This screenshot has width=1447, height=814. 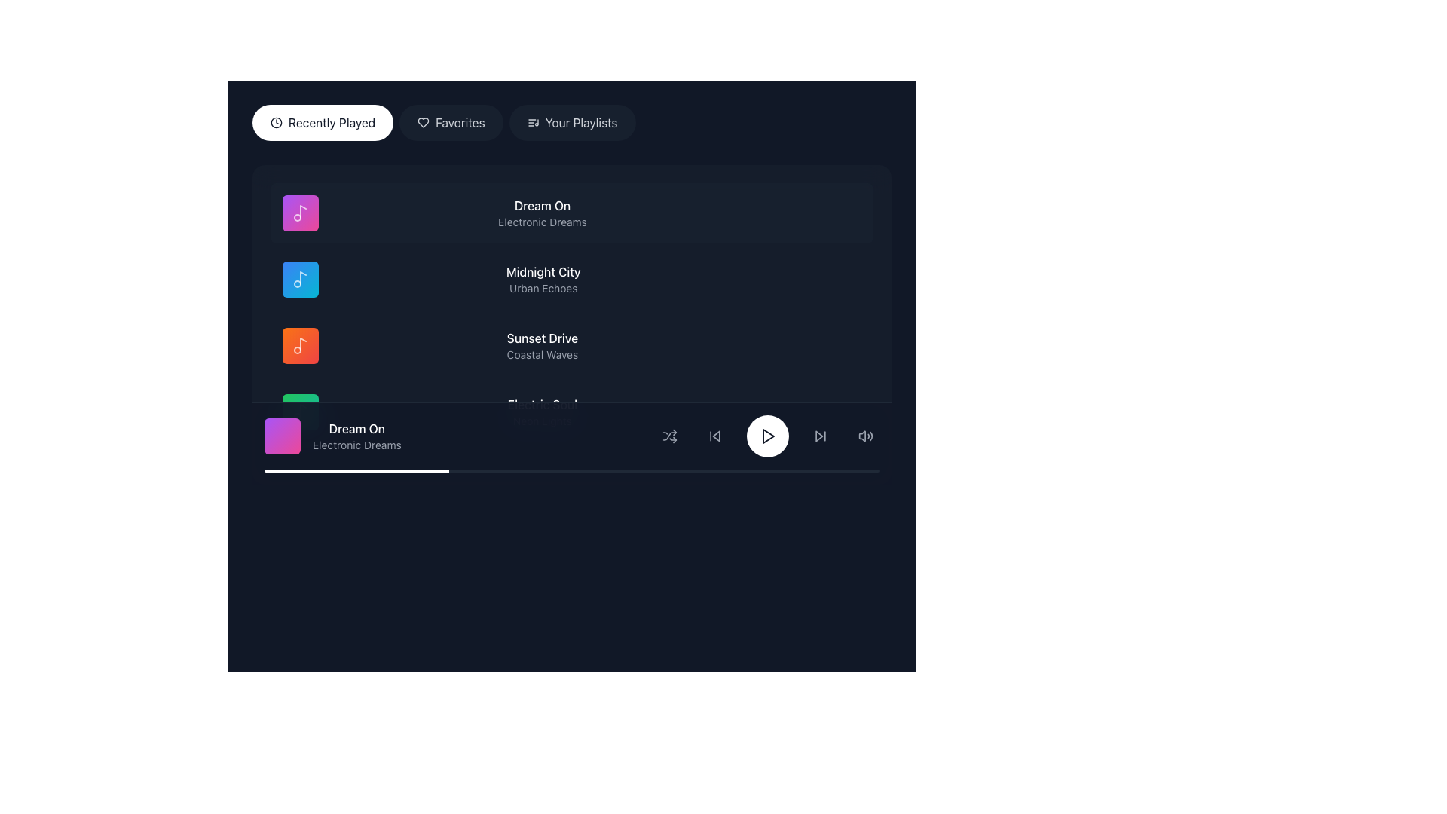 What do you see at coordinates (715, 436) in the screenshot?
I see `the triangular-shaped skip-back button located in the bottom control bar, next to the play/pause and skip-forward icons, to skip backward` at bounding box center [715, 436].